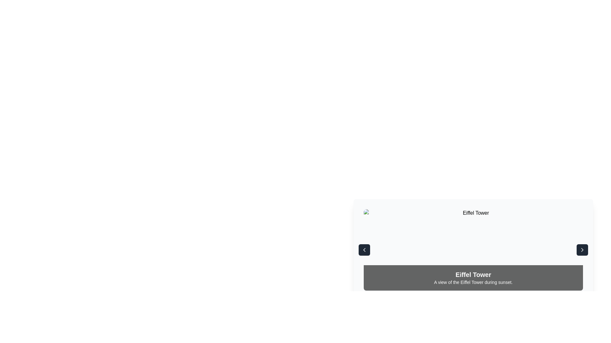  I want to click on the 'next' navigation button located on the far-right side of the carousel to proceed to the next slide, so click(582, 249).